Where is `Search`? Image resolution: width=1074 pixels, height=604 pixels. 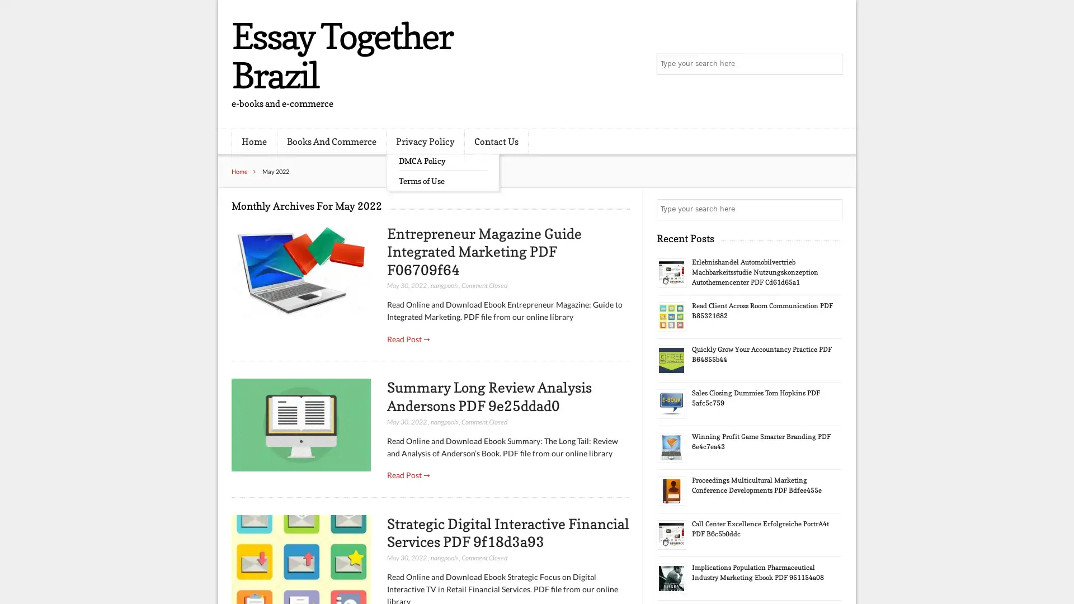
Search is located at coordinates (831, 209).